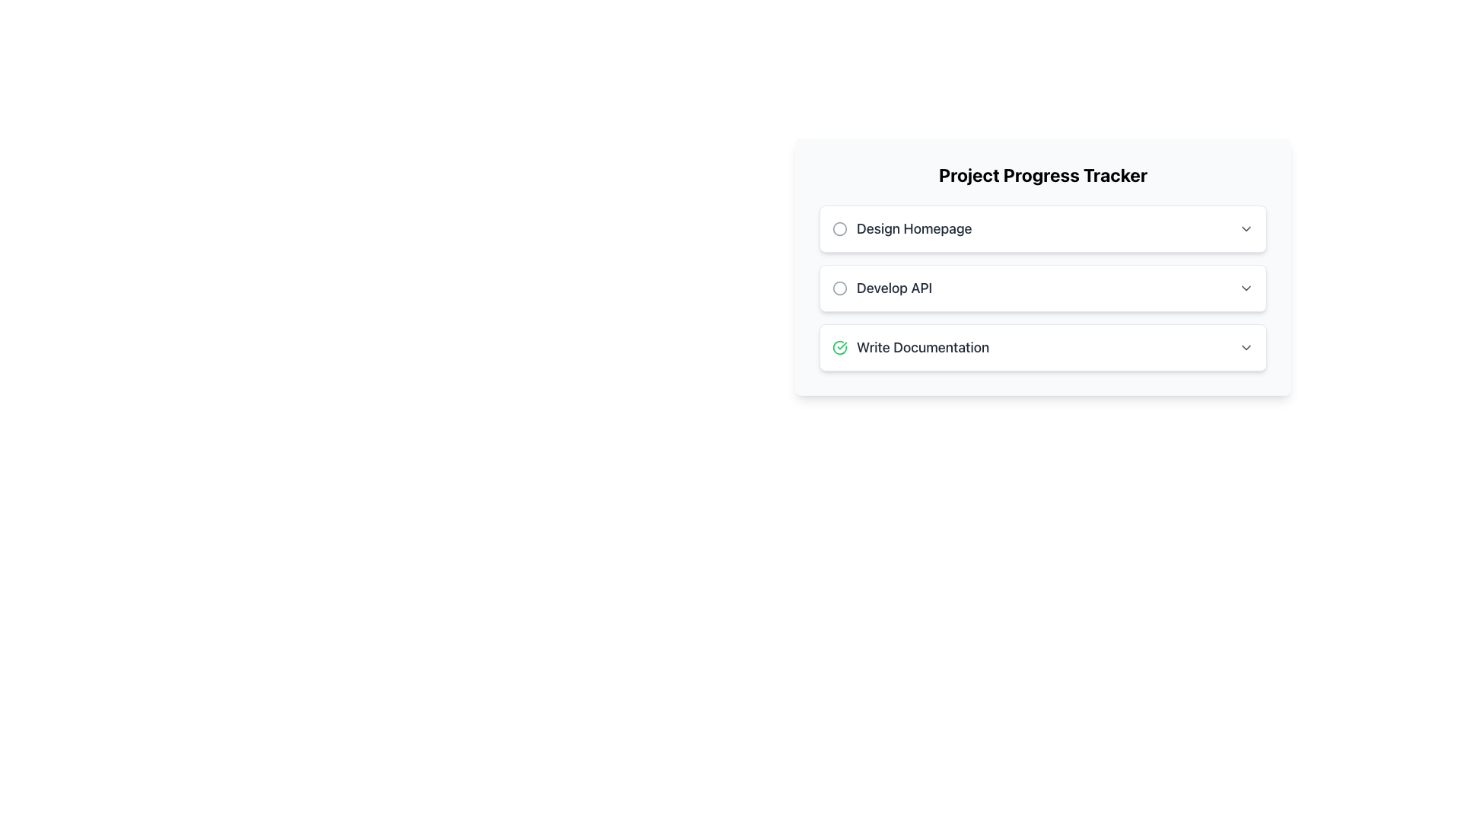 The image size is (1461, 822). Describe the element at coordinates (1042, 288) in the screenshot. I see `the right-sided arrow button for task actions in the 'Develop API' section of the Task description card located in the 'Project Progress Tracker'` at that location.